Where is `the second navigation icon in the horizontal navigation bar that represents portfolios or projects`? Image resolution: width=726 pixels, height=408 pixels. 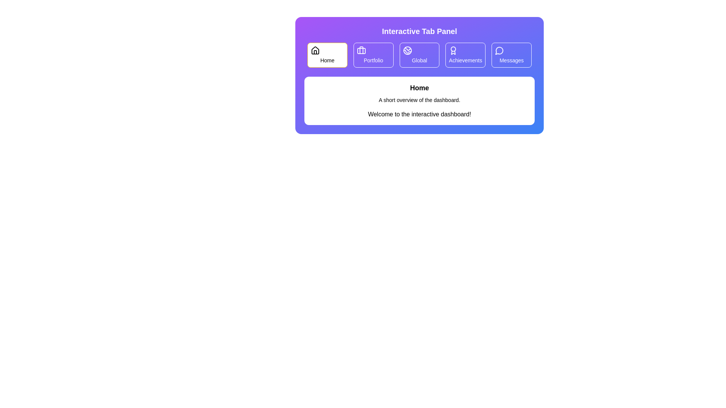 the second navigation icon in the horizontal navigation bar that represents portfolios or projects is located at coordinates (361, 51).